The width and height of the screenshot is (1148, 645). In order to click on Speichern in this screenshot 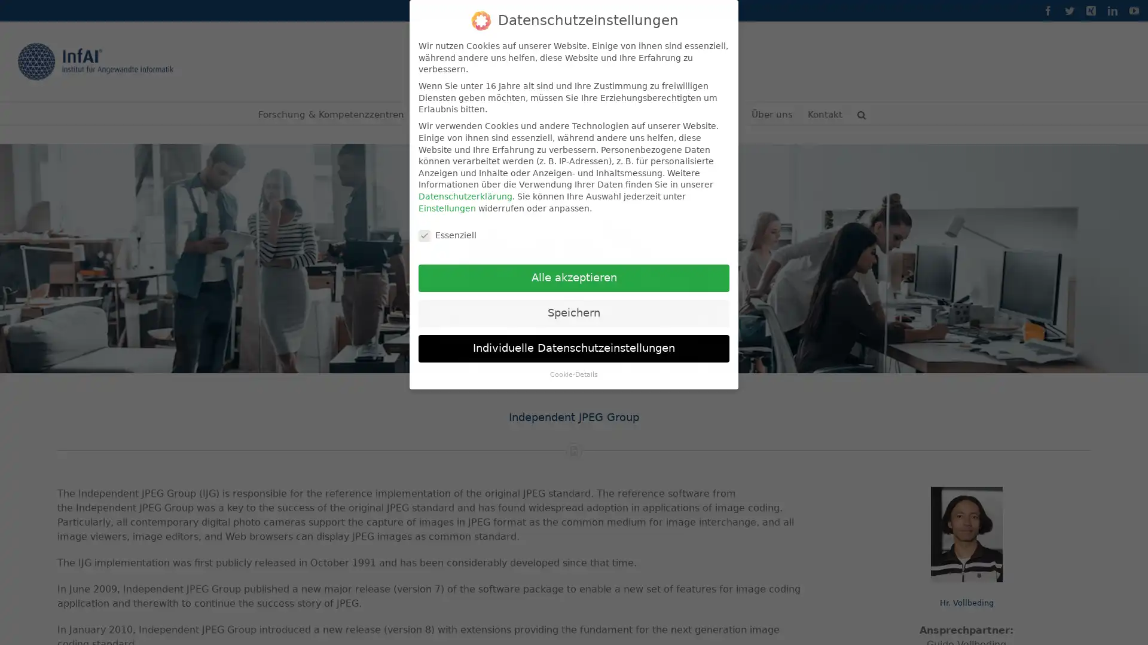, I will do `click(574, 312)`.